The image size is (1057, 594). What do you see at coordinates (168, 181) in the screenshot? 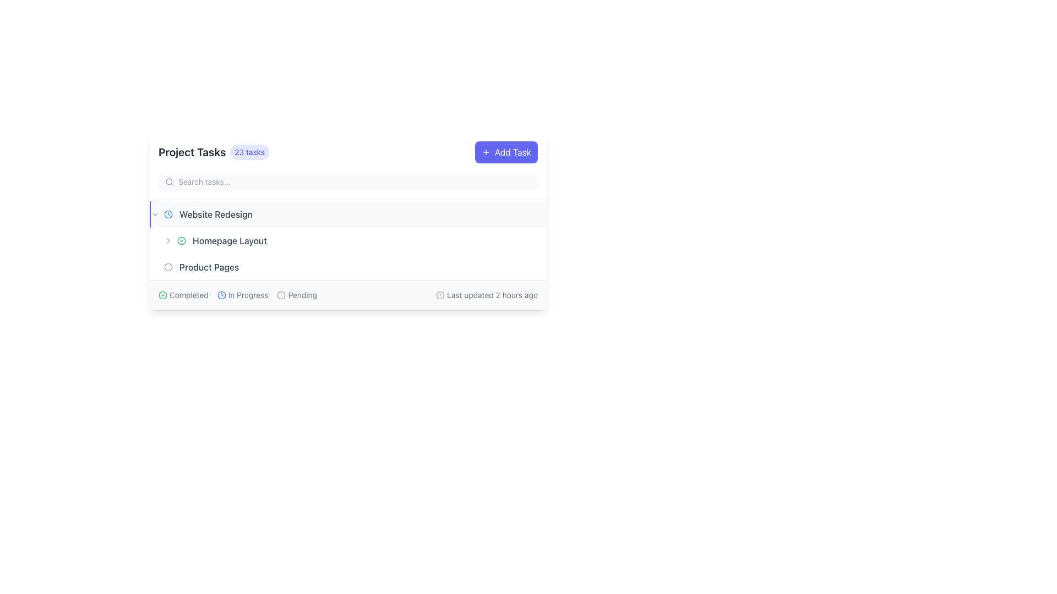
I see `the circular graphic element that is part of the SVG search icon located near the left side of the search bar in the task management section` at bounding box center [168, 181].